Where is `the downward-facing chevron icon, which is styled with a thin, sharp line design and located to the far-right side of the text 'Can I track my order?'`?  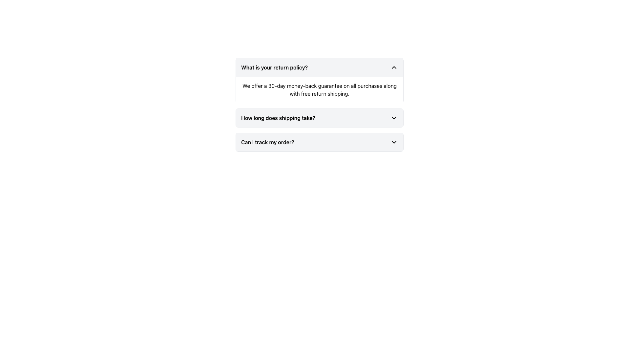
the downward-facing chevron icon, which is styled with a thin, sharp line design and located to the far-right side of the text 'Can I track my order?' is located at coordinates (394, 142).